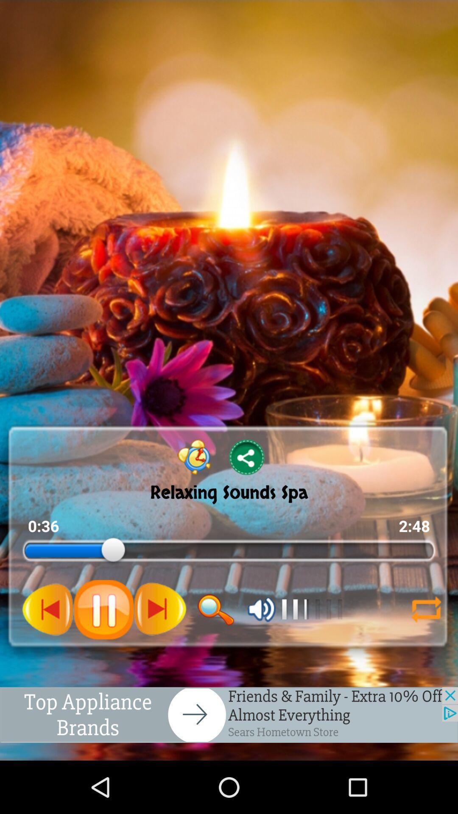  What do you see at coordinates (426, 609) in the screenshot?
I see `swap icon` at bounding box center [426, 609].